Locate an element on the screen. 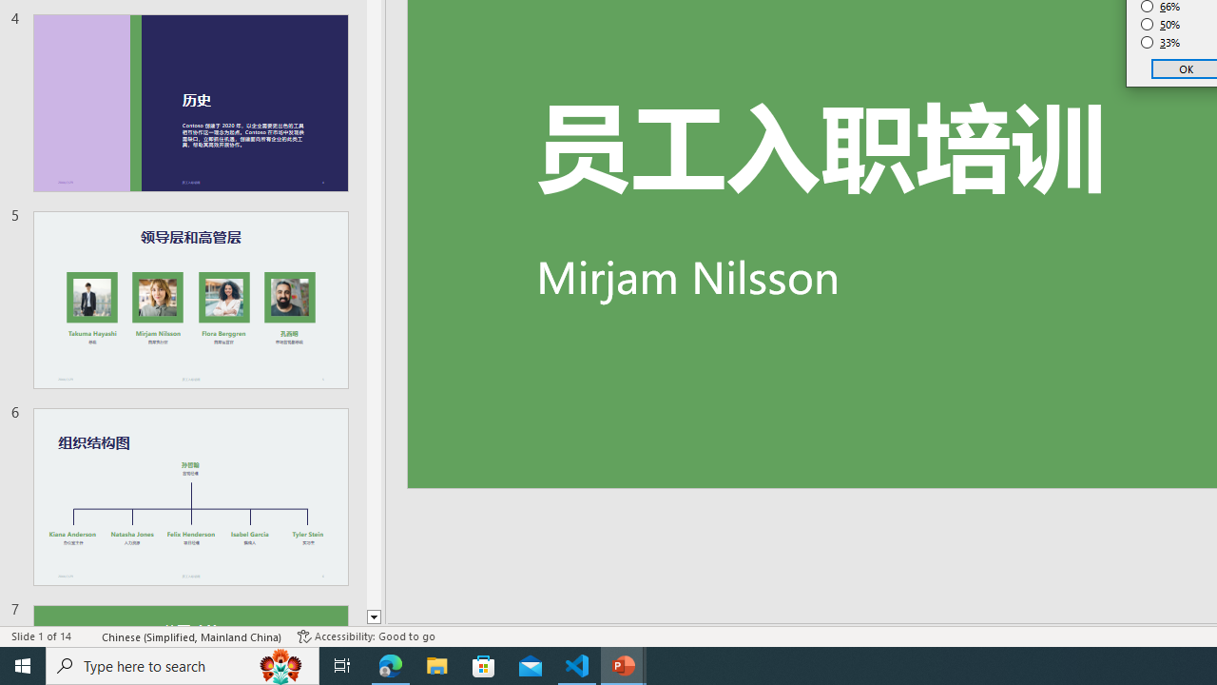  'Microsoft Store' is located at coordinates (484, 664).